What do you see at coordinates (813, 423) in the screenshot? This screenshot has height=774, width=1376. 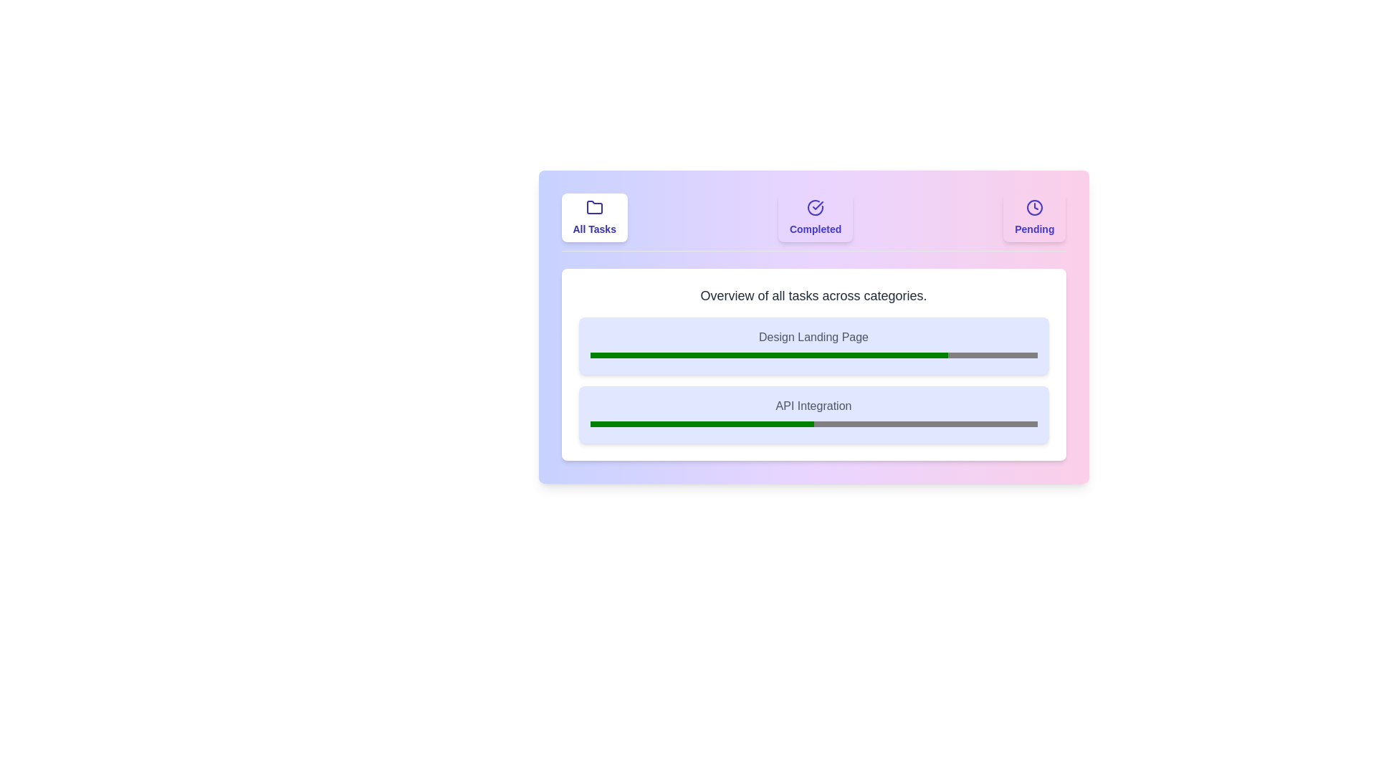 I see `the horizontal progress bar with a green fill located below the text 'API Integration'` at bounding box center [813, 423].